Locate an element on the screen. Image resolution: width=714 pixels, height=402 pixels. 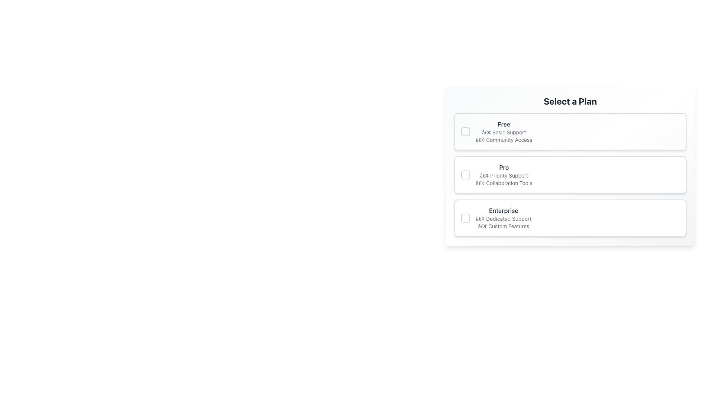
the radio button located to the left of the text 'Free' is located at coordinates (465, 131).